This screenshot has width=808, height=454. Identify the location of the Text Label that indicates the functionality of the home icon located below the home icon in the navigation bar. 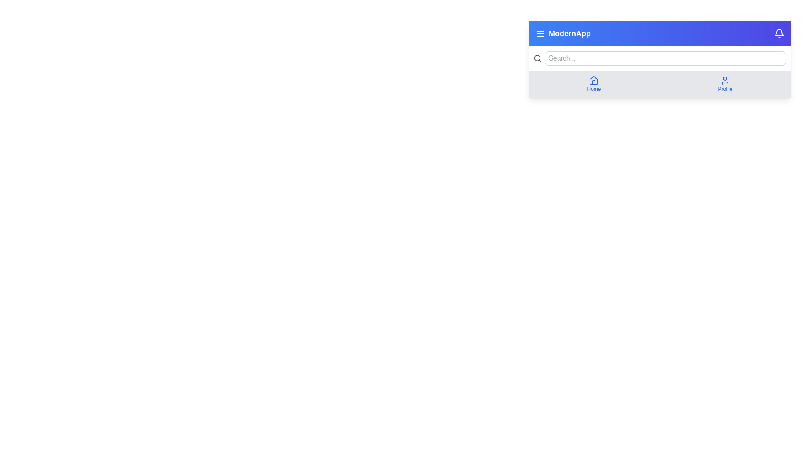
(593, 89).